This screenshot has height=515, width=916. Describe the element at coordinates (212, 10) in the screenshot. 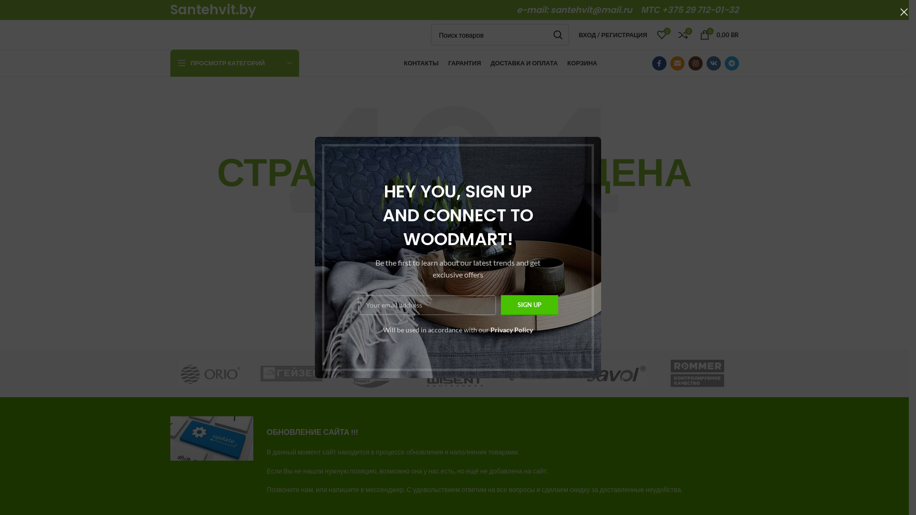

I see `'Santehvit.by'` at that location.